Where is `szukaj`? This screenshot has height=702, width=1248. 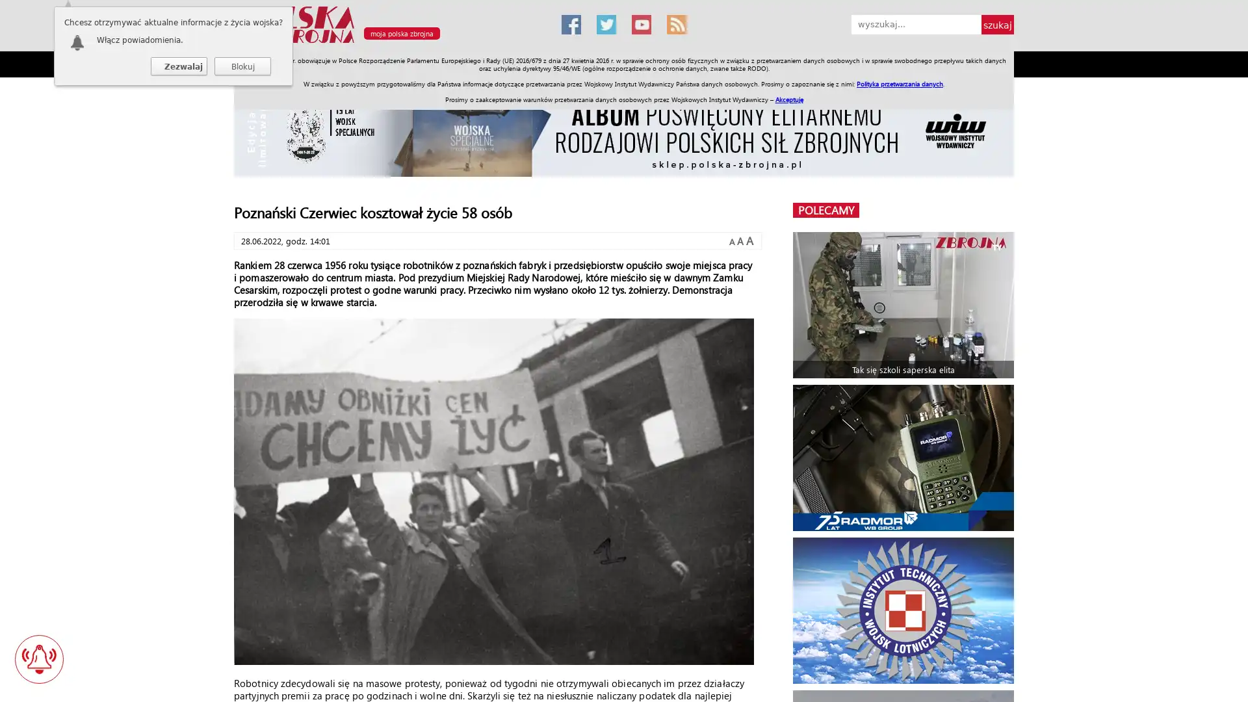 szukaj is located at coordinates (997, 25).